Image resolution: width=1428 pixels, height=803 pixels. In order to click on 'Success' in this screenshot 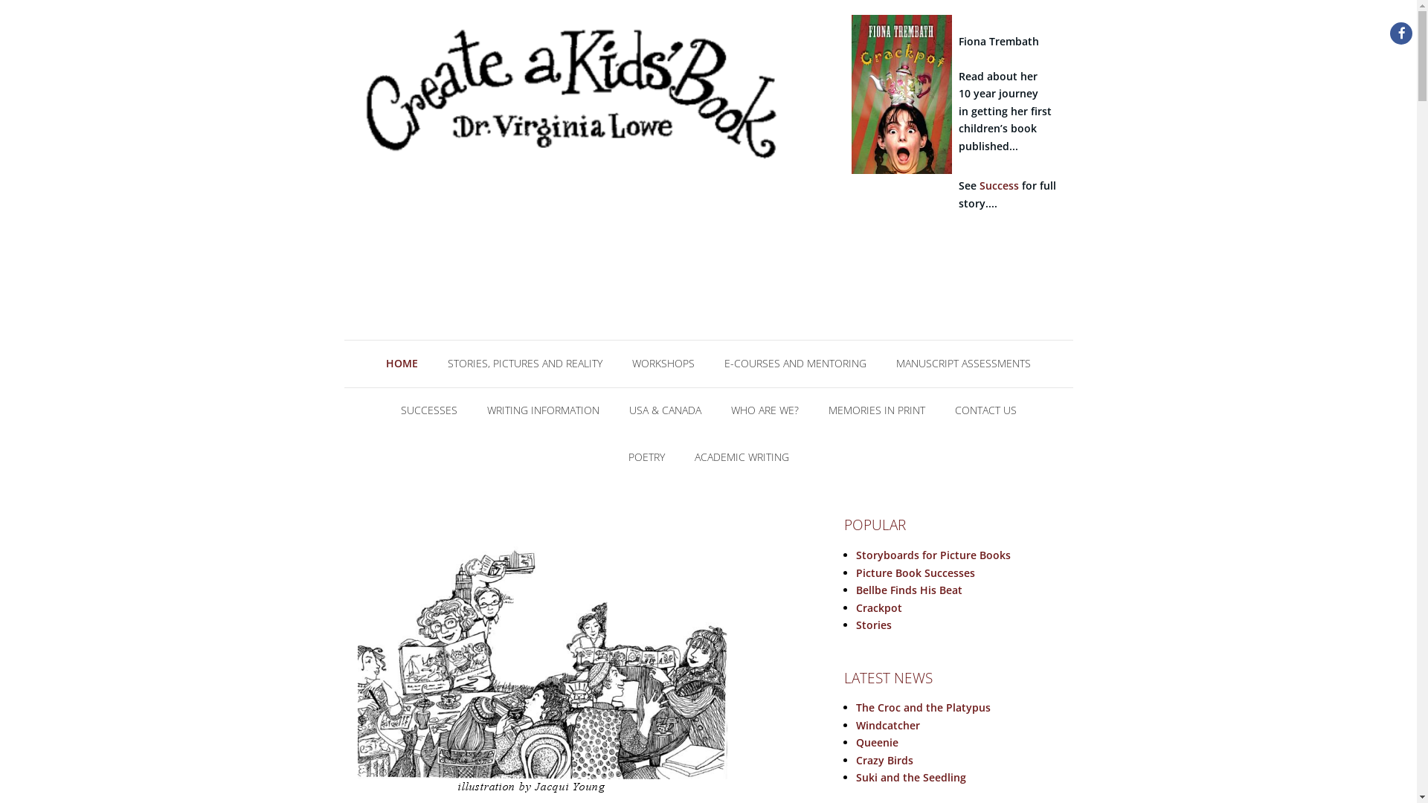, I will do `click(977, 184)`.